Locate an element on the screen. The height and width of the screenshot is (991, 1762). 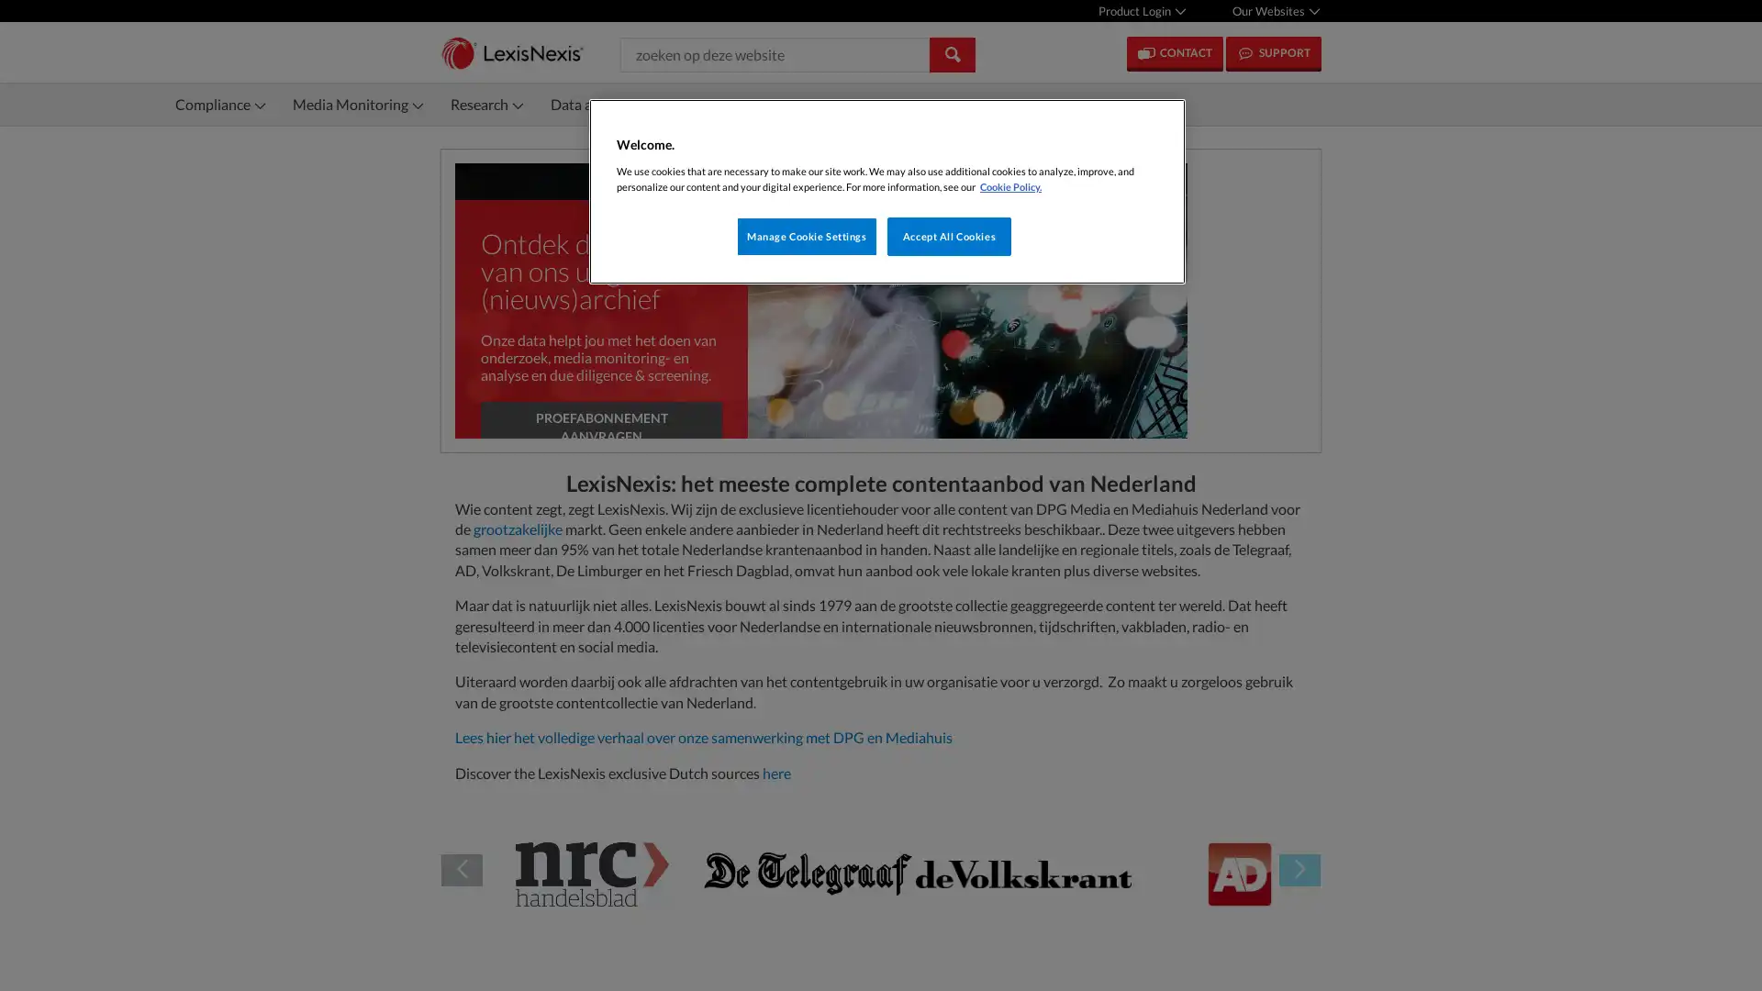
Previous is located at coordinates (462, 915).